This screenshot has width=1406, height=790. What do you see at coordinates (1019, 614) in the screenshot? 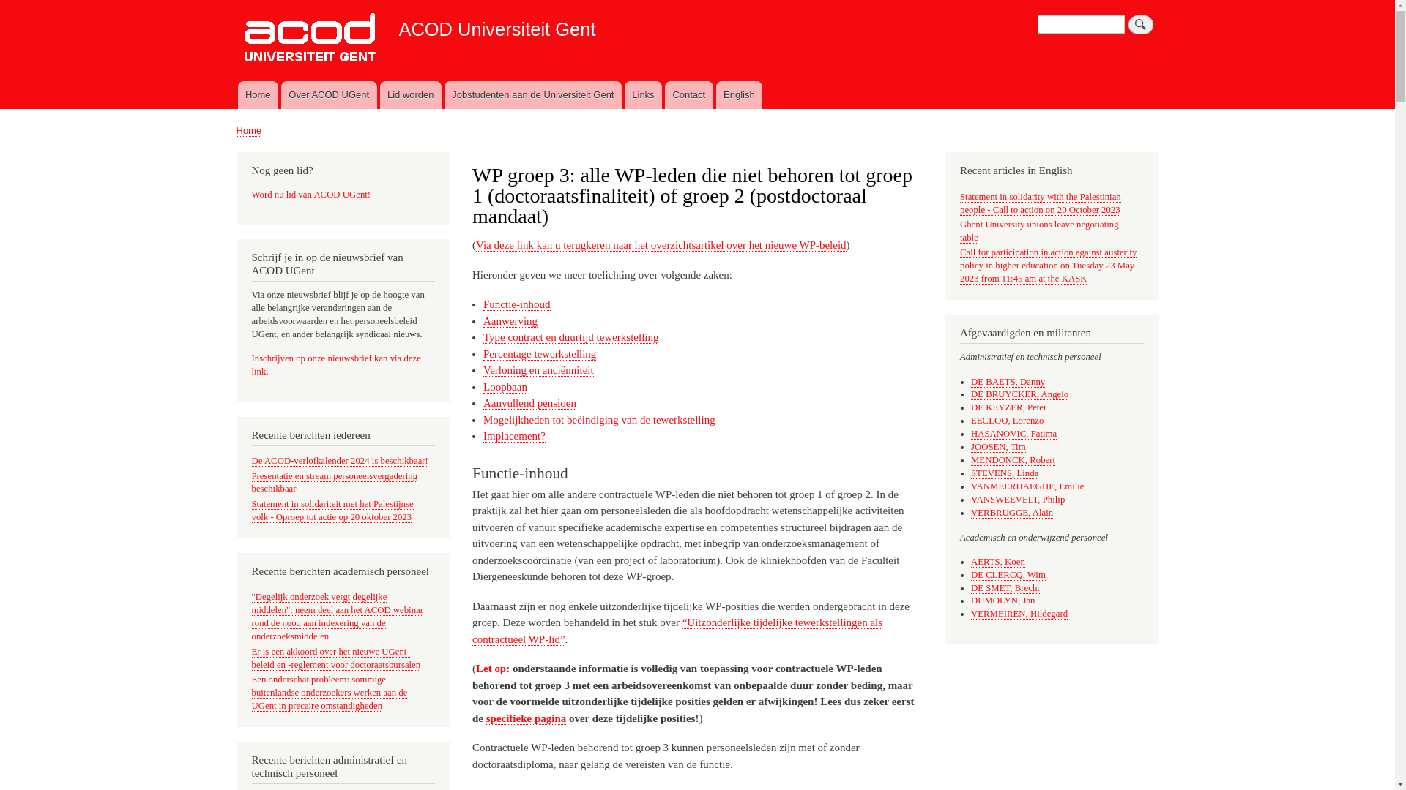
I see `'VERMEIREN, Hildegard'` at bounding box center [1019, 614].